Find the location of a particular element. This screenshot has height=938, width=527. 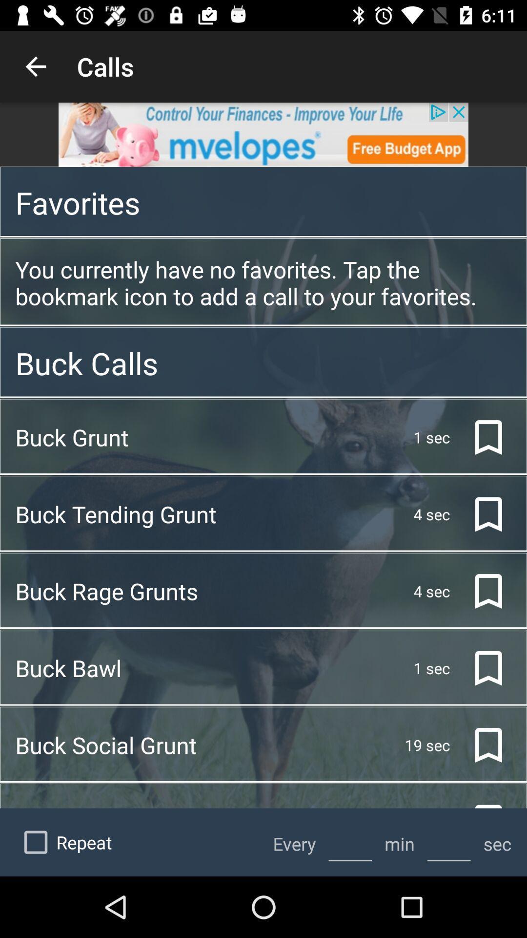

the bookmark icon is located at coordinates (480, 513).